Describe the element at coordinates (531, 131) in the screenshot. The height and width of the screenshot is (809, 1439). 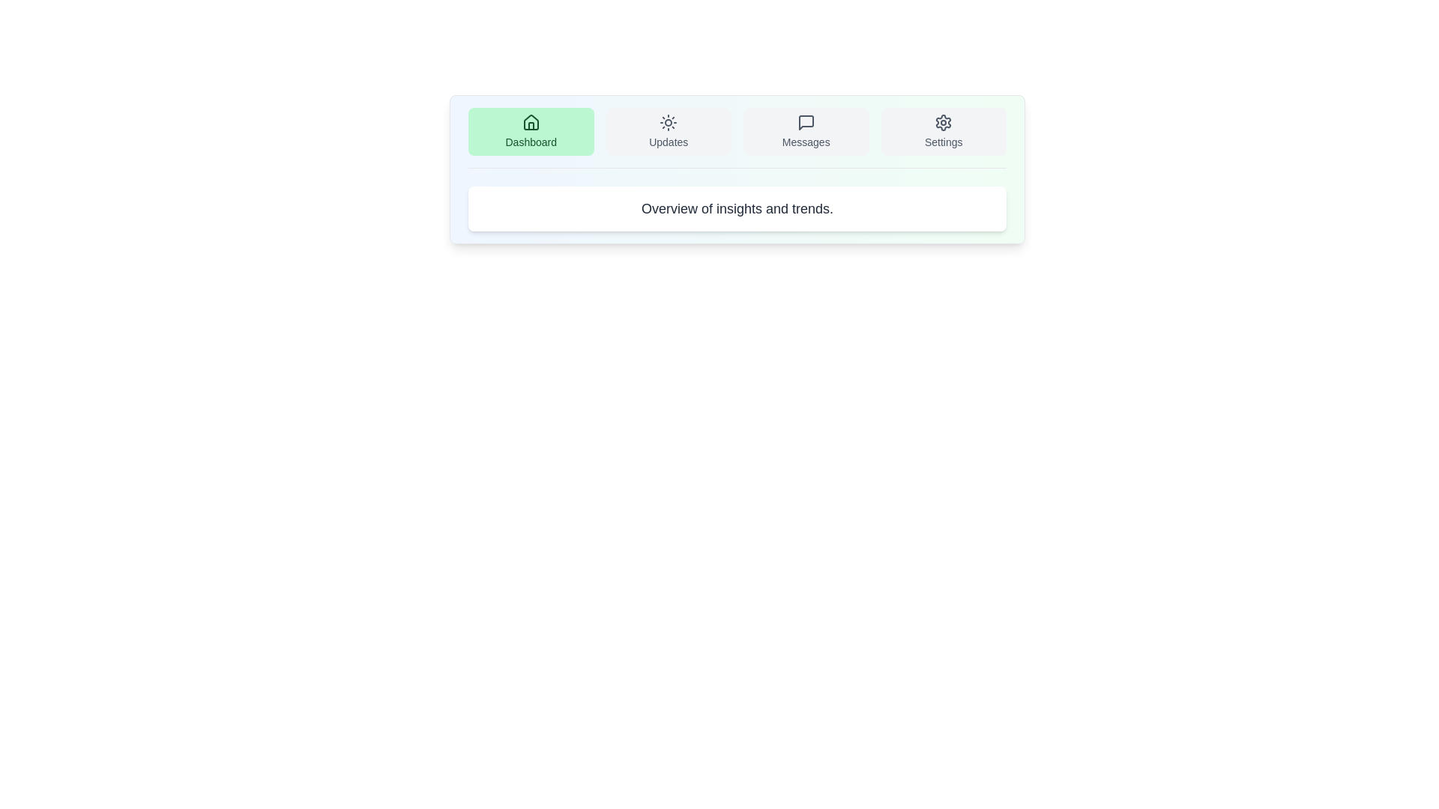
I see `the tab labeled Dashboard to observe the hover effect` at that location.